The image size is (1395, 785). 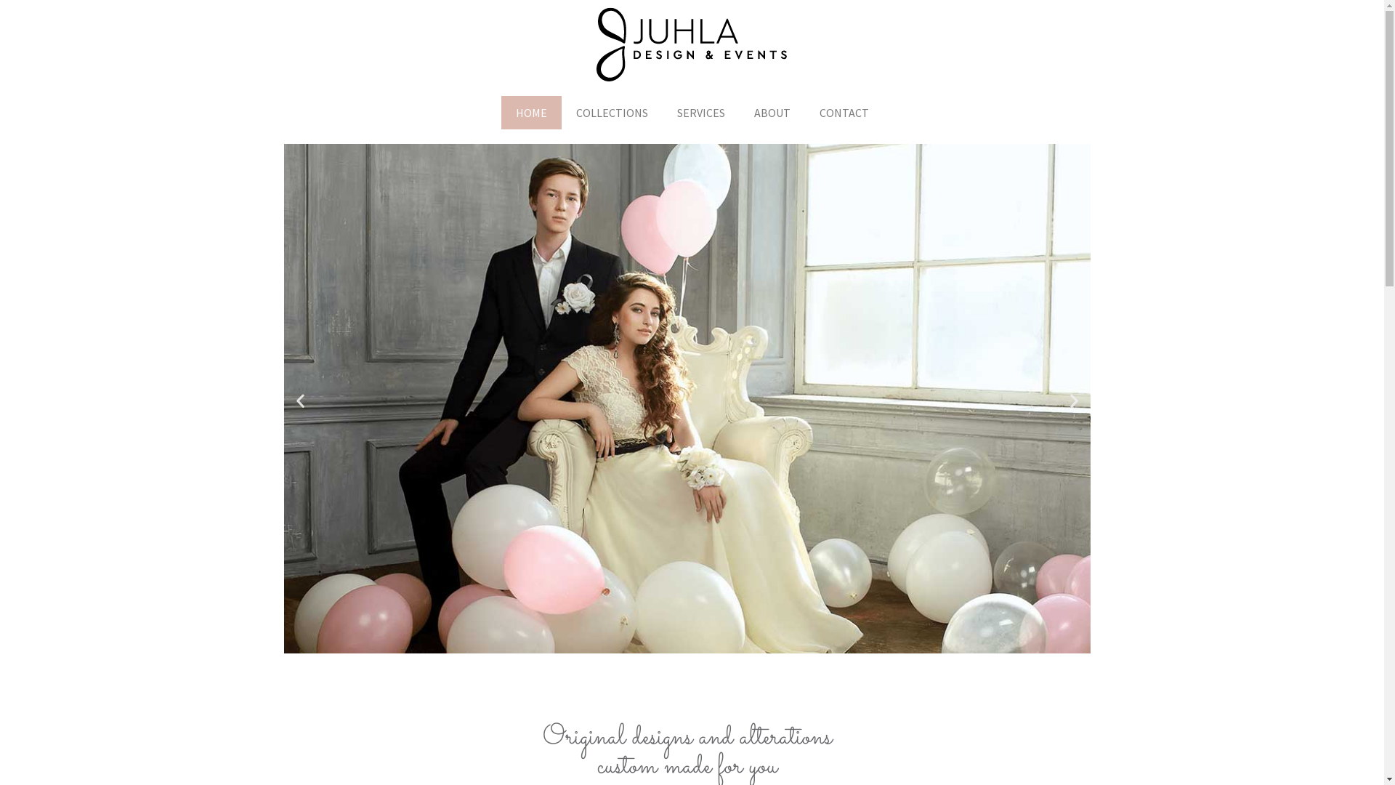 I want to click on 'HOME', so click(x=530, y=111).